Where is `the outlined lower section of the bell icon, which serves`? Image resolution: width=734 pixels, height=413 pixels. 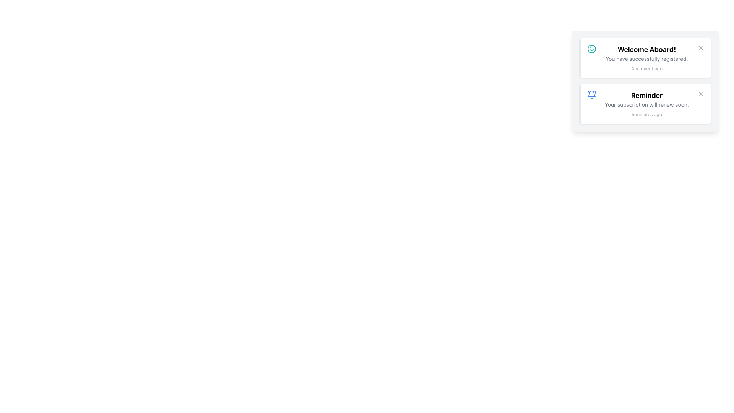 the outlined lower section of the bell icon, which serves is located at coordinates (591, 93).